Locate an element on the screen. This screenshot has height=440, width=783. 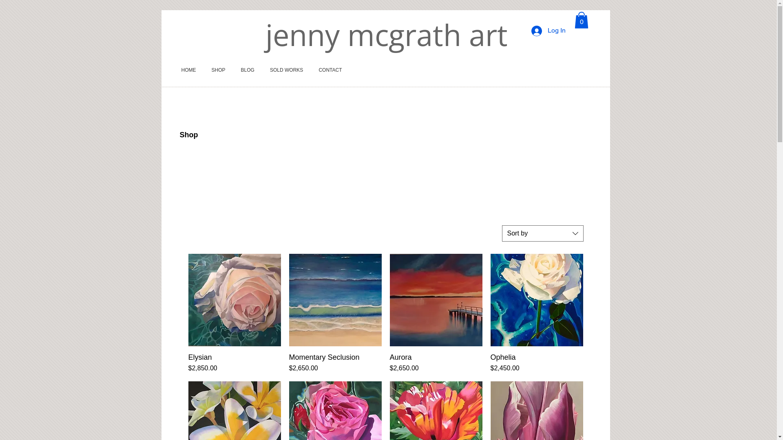
'Aurora is located at coordinates (389, 363).